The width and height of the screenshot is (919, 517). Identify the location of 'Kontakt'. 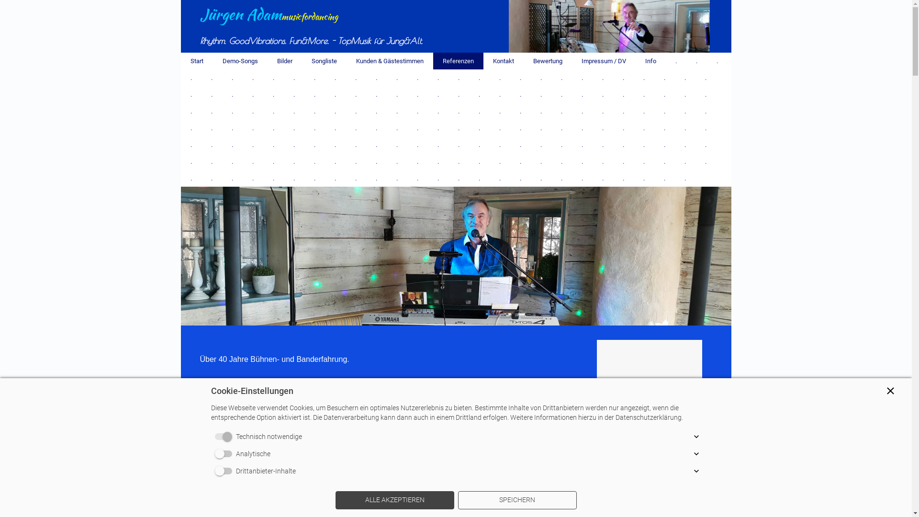
(503, 61).